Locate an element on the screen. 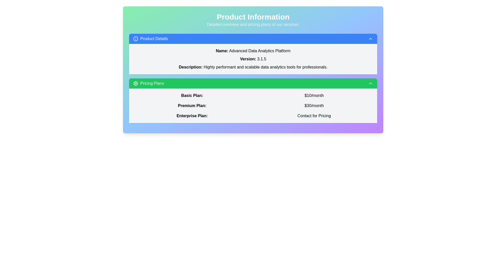  the informational text about the pricing for the 'Enterprise Plan', located at the bottom of the 'Pricing Plans' section, to the right of the label 'Enterprise Plan:' is located at coordinates (314, 116).